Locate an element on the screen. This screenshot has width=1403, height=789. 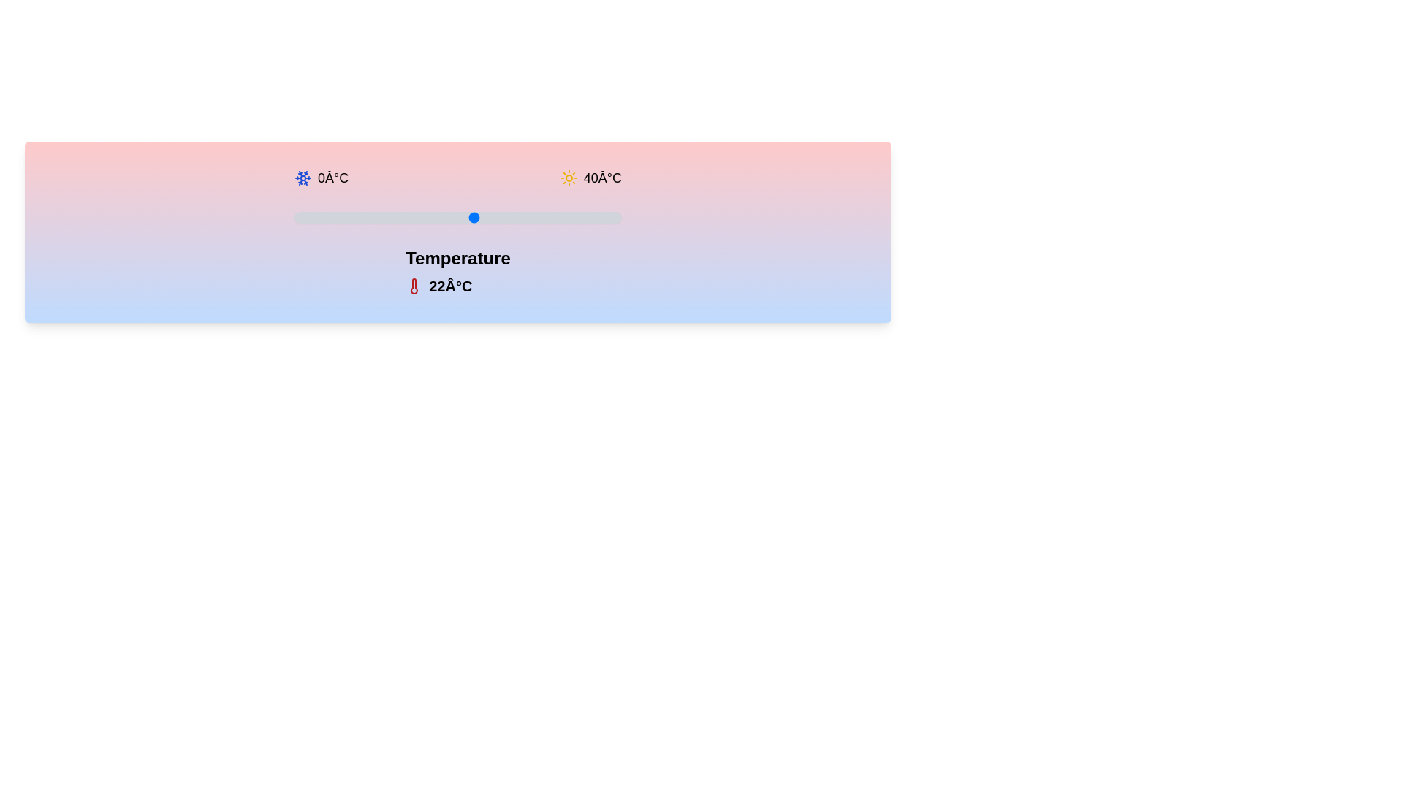
the slider to set the temperature to 10°C is located at coordinates (376, 217).